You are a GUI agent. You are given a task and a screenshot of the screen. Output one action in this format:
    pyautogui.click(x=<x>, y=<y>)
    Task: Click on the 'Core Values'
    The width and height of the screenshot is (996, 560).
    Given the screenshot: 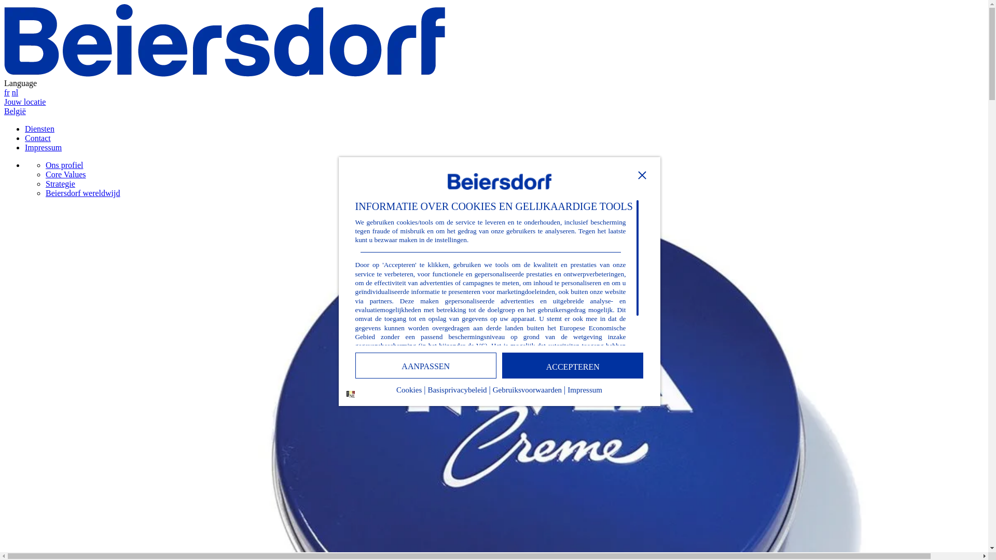 What is the action you would take?
    pyautogui.click(x=65, y=174)
    